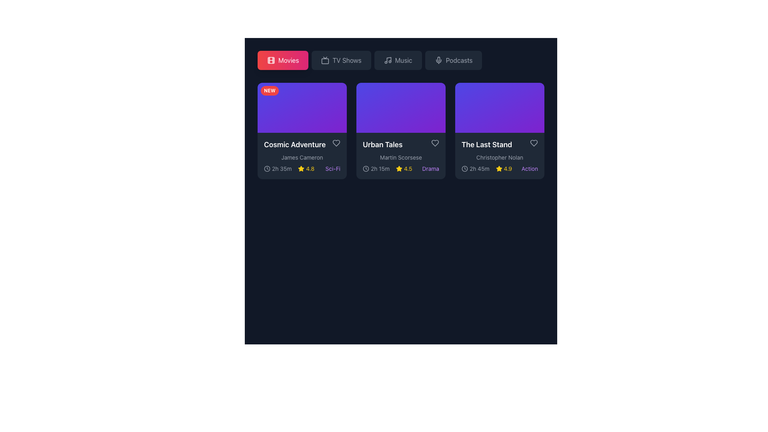 This screenshot has width=768, height=432. Describe the element at coordinates (401, 156) in the screenshot. I see `the informational card displaying details about the movie 'Urban Tales', which is the second card in a horizontal collection of movie cards` at that location.